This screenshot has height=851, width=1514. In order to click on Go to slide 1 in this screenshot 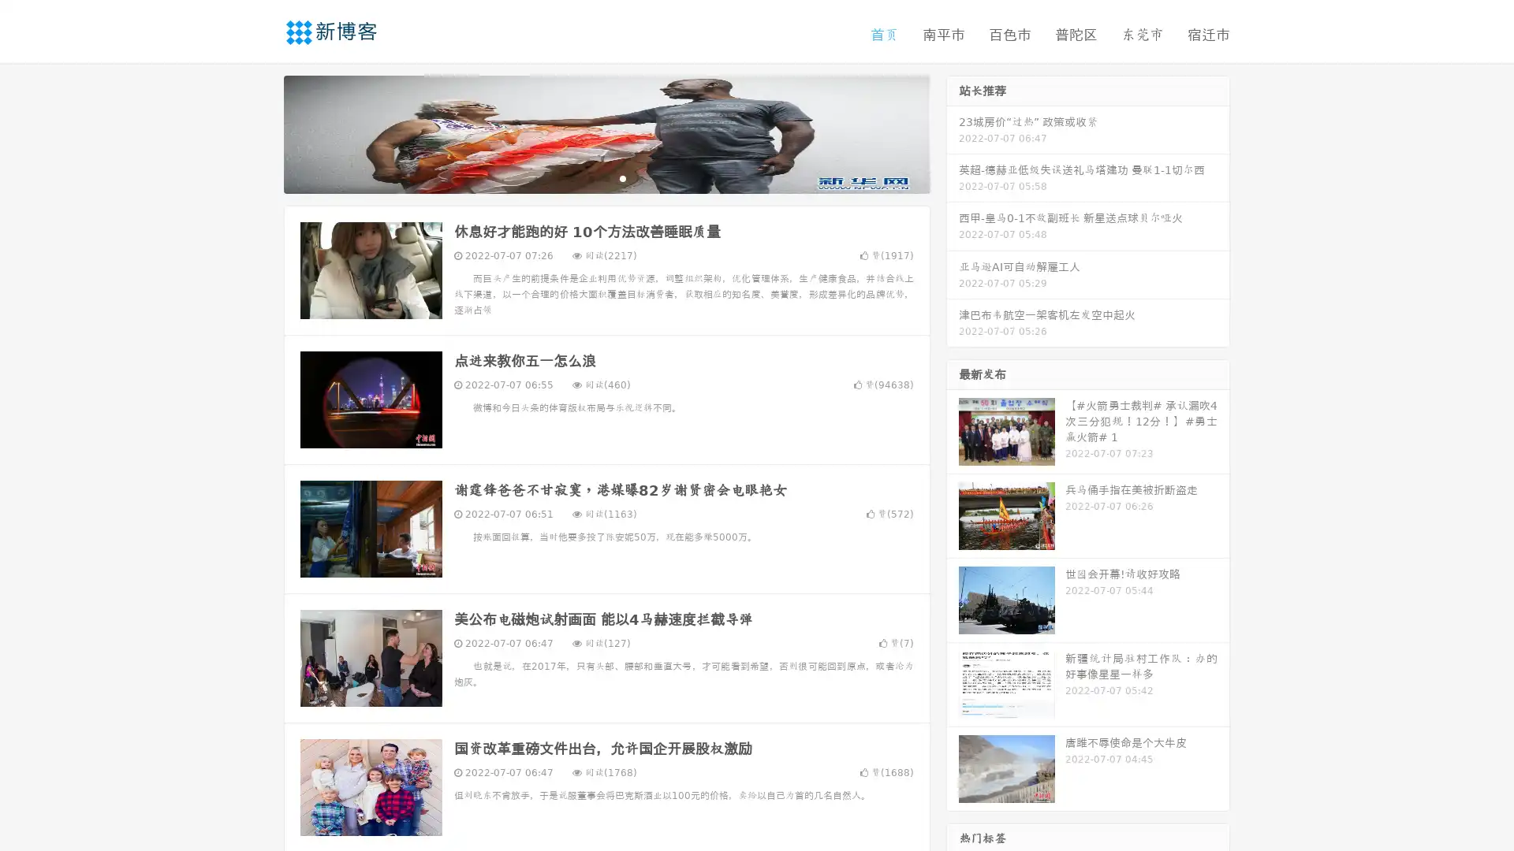, I will do `click(590, 177)`.